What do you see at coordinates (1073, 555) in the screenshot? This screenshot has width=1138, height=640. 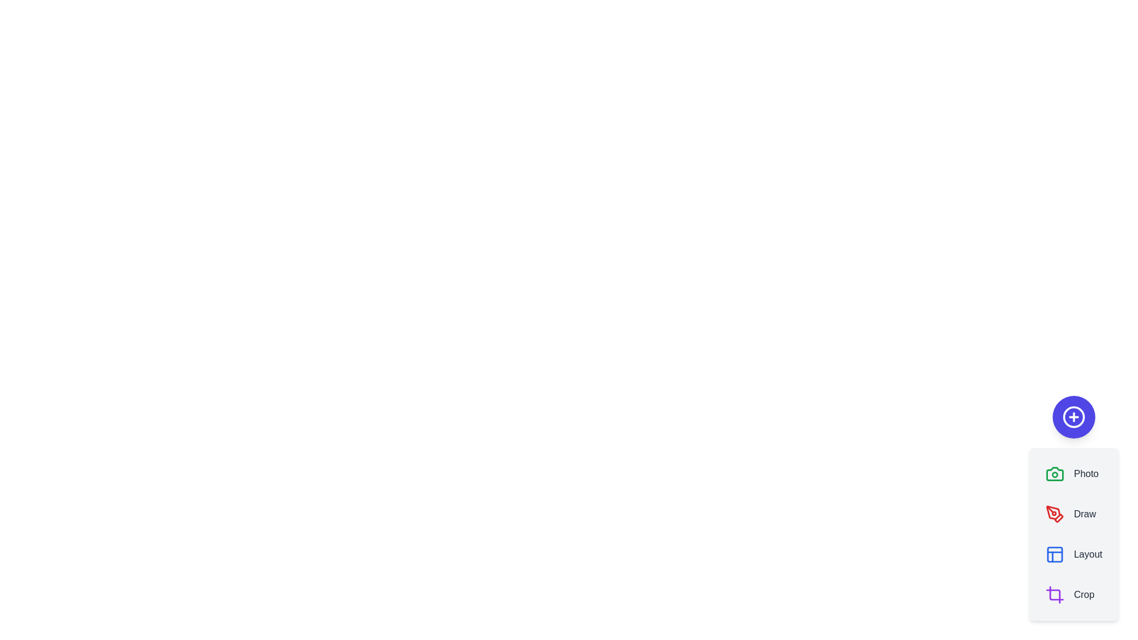 I see `the Layout button to select it` at bounding box center [1073, 555].